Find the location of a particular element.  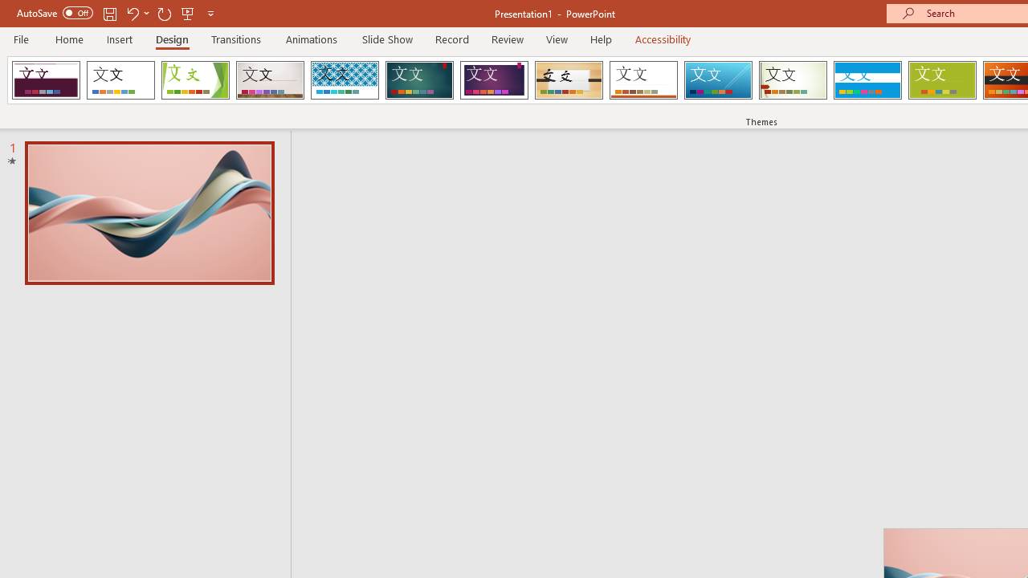

'Ion Boardroom' is located at coordinates (493, 80).